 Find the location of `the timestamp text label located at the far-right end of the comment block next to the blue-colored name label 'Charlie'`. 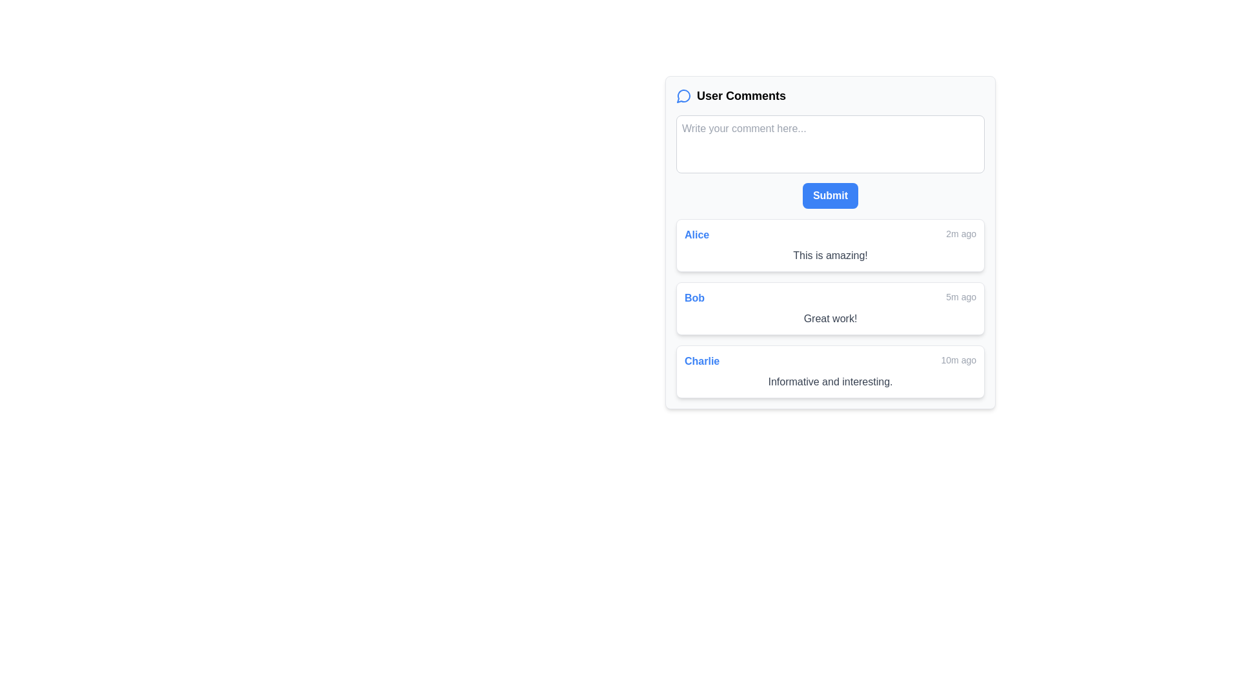

the timestamp text label located at the far-right end of the comment block next to the blue-colored name label 'Charlie' is located at coordinates (958, 361).